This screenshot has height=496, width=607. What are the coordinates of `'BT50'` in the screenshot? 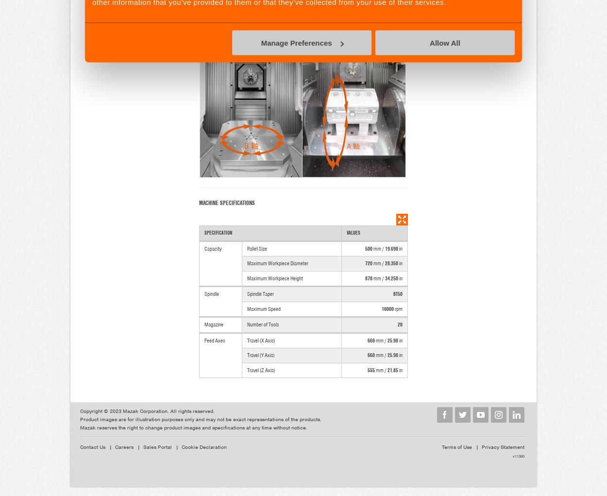 It's located at (397, 294).